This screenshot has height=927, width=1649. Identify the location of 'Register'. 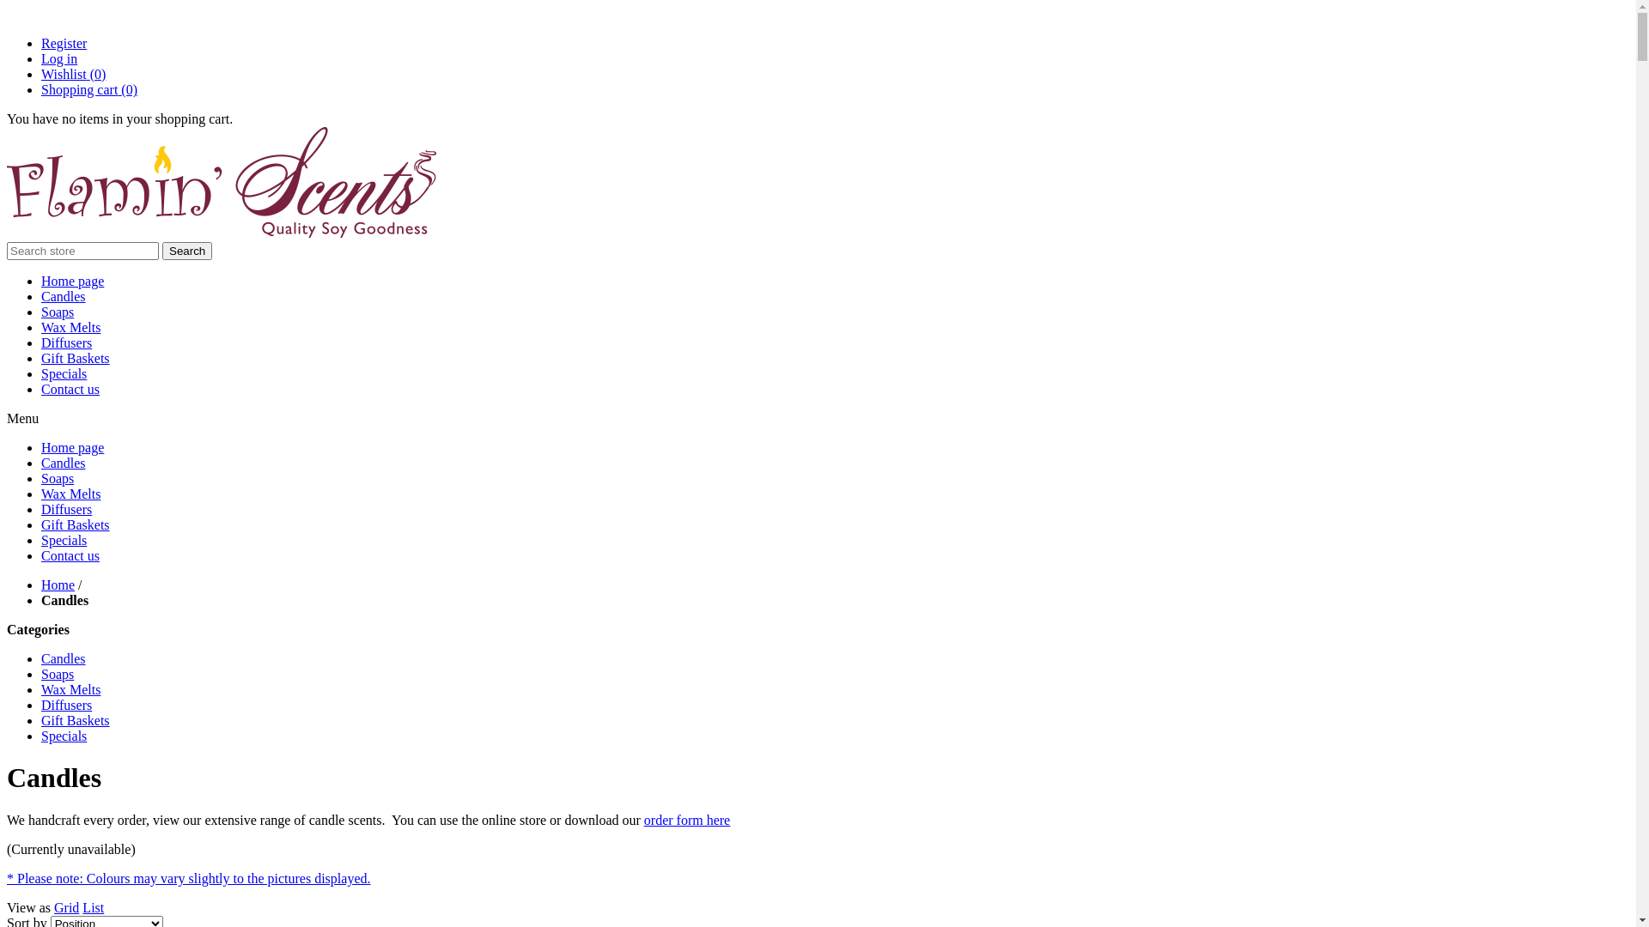
(64, 42).